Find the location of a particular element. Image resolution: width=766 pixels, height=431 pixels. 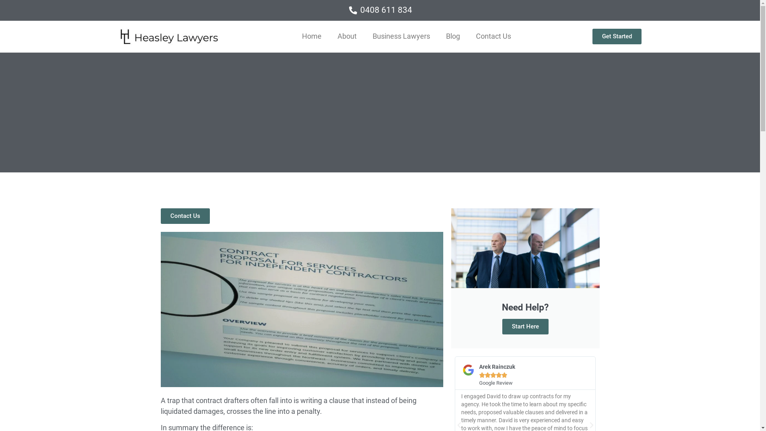

'Business Lawyers' is located at coordinates (401, 36).